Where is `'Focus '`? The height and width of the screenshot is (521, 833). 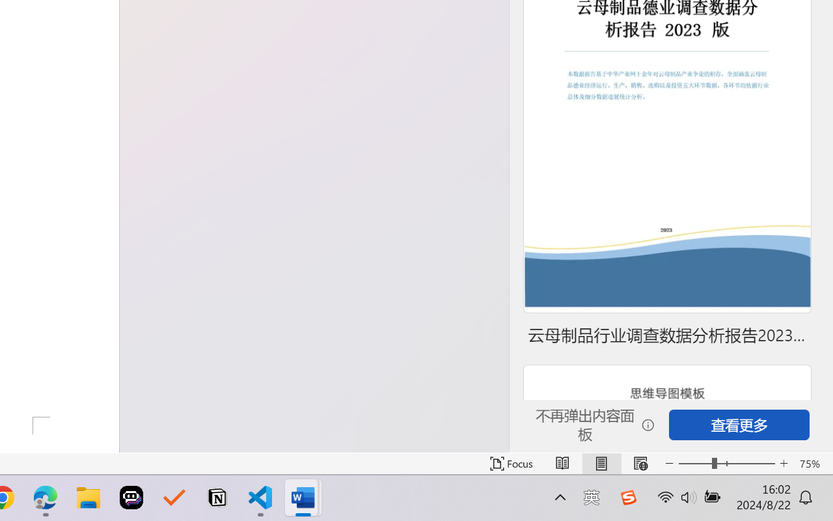
'Focus ' is located at coordinates (511, 463).